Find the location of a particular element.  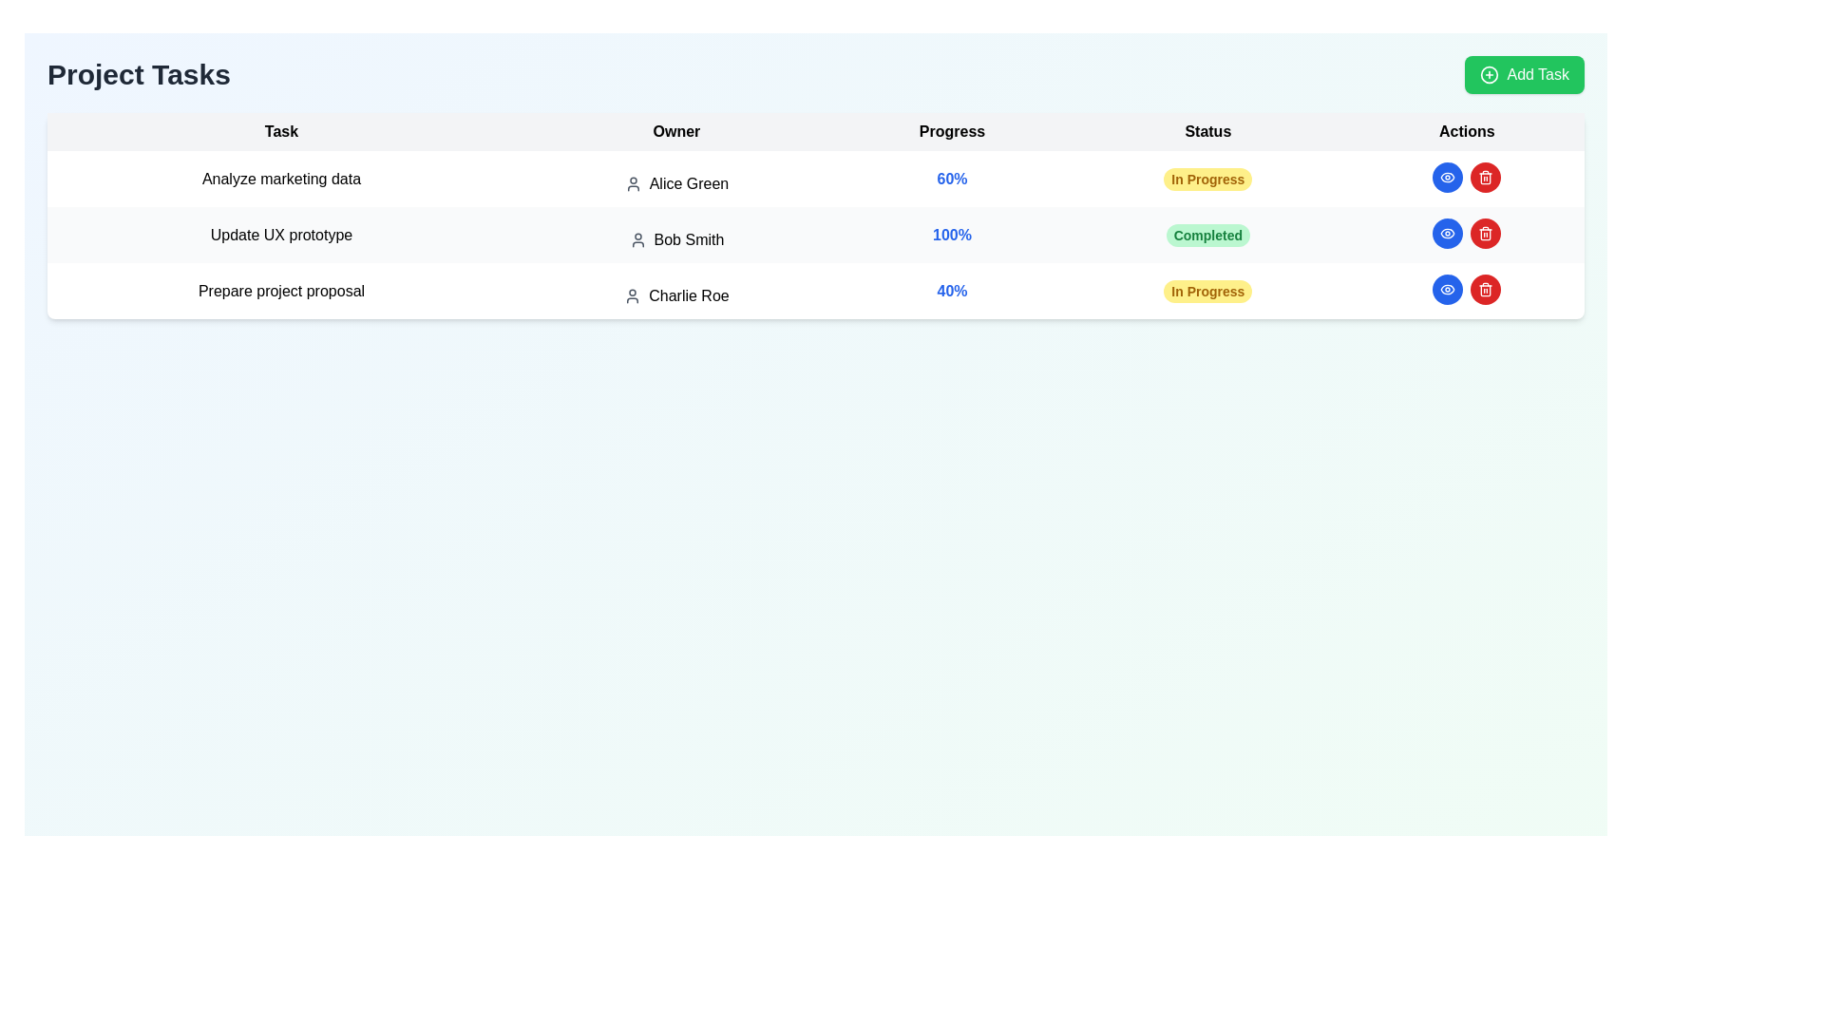

the 'Completed' status label for the task 'Update UX prototype' in the second row of the 'Status' column is located at coordinates (1206, 234).